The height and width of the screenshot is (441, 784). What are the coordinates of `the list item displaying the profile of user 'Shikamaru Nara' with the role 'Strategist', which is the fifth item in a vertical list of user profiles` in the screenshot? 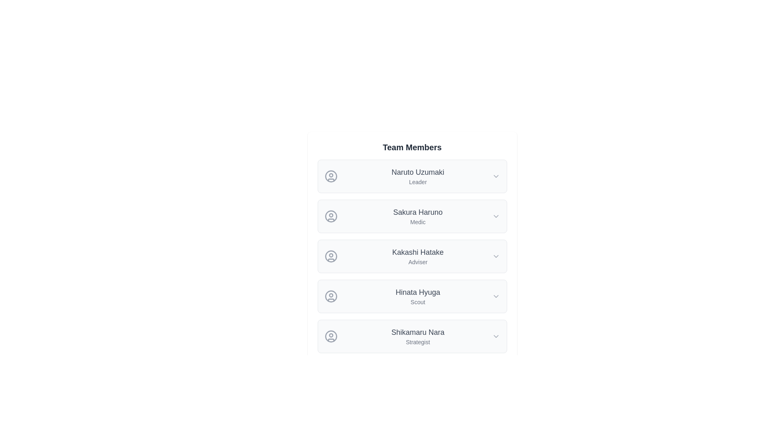 It's located at (412, 336).